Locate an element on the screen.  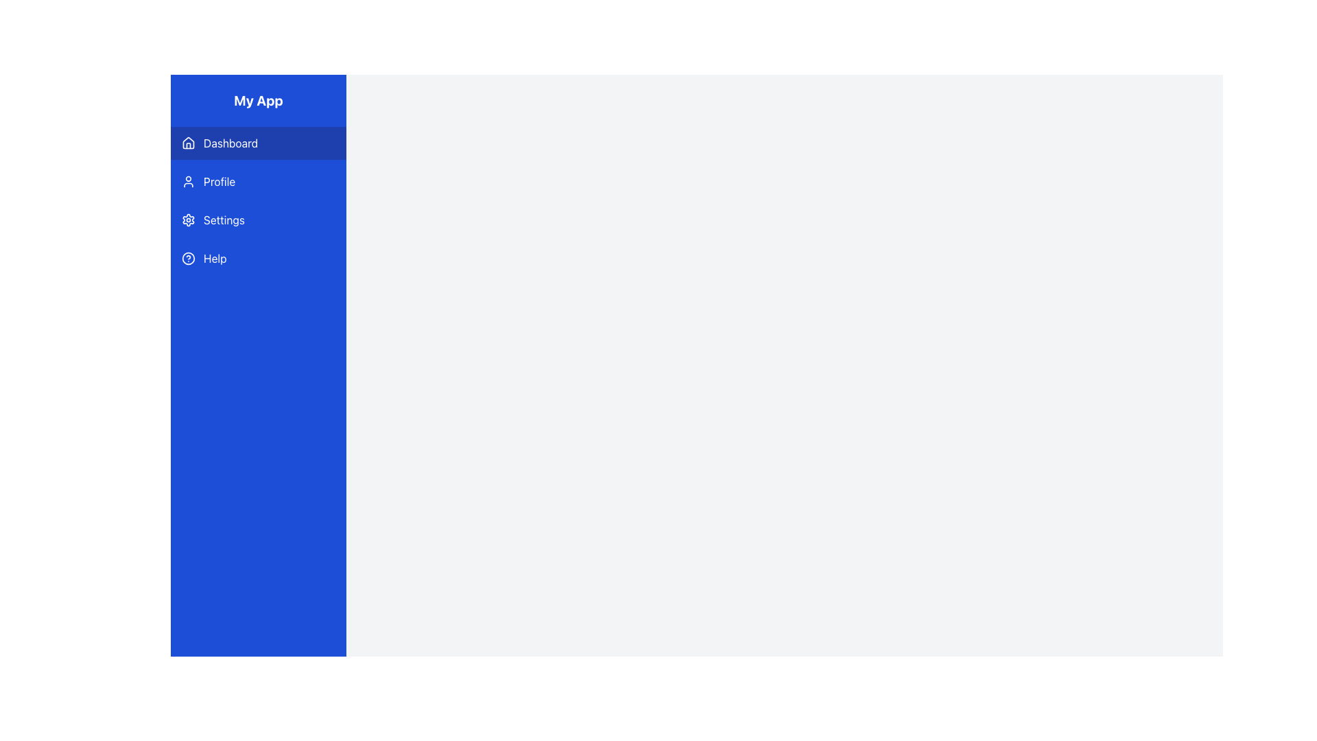
the blue 'Profile' button in the vertical navigation menu is located at coordinates (259, 181).